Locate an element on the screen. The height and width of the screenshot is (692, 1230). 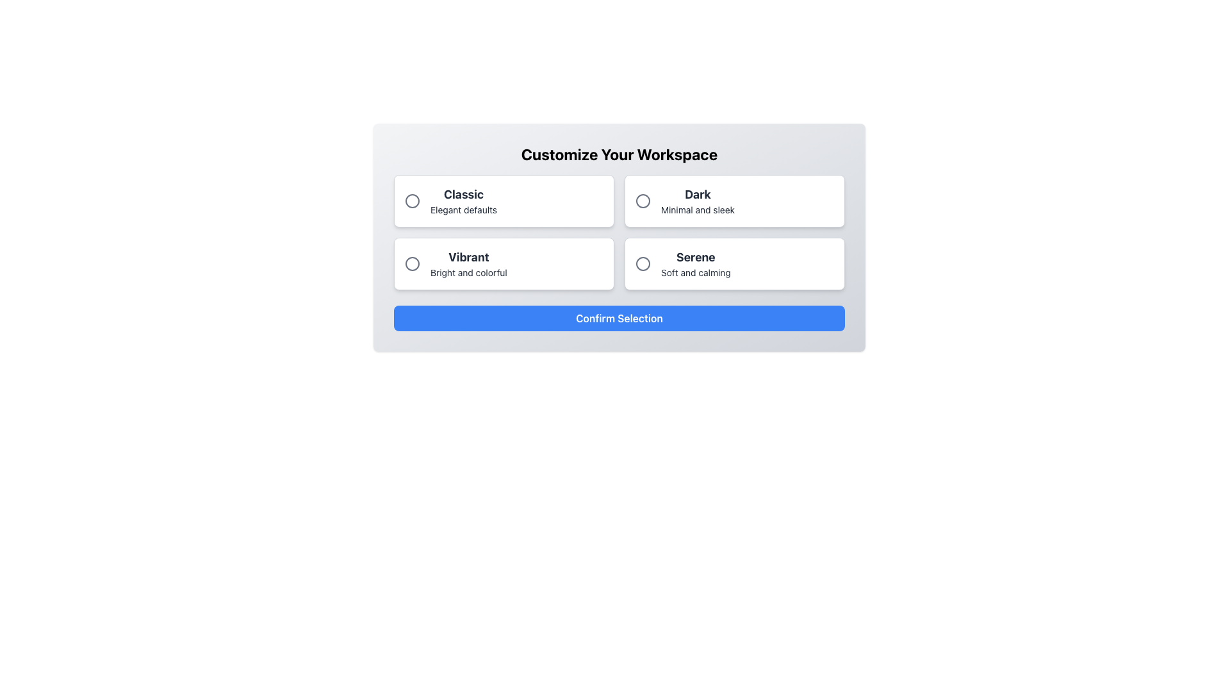
the small circular icon with a grayish outline in the 'Vibrant' card of the 'Customize Your Workspace' section is located at coordinates (412, 263).